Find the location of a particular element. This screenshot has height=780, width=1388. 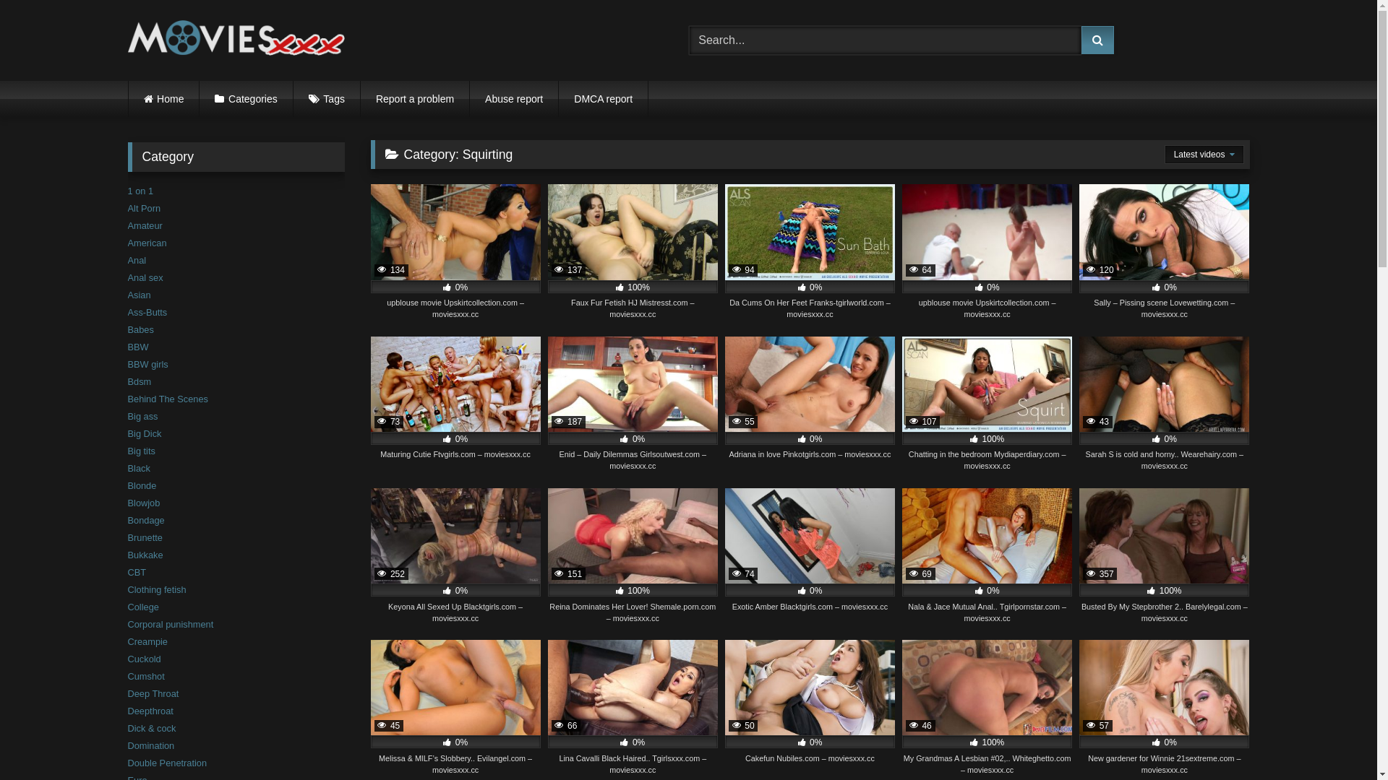

'Home' is located at coordinates (163, 98).